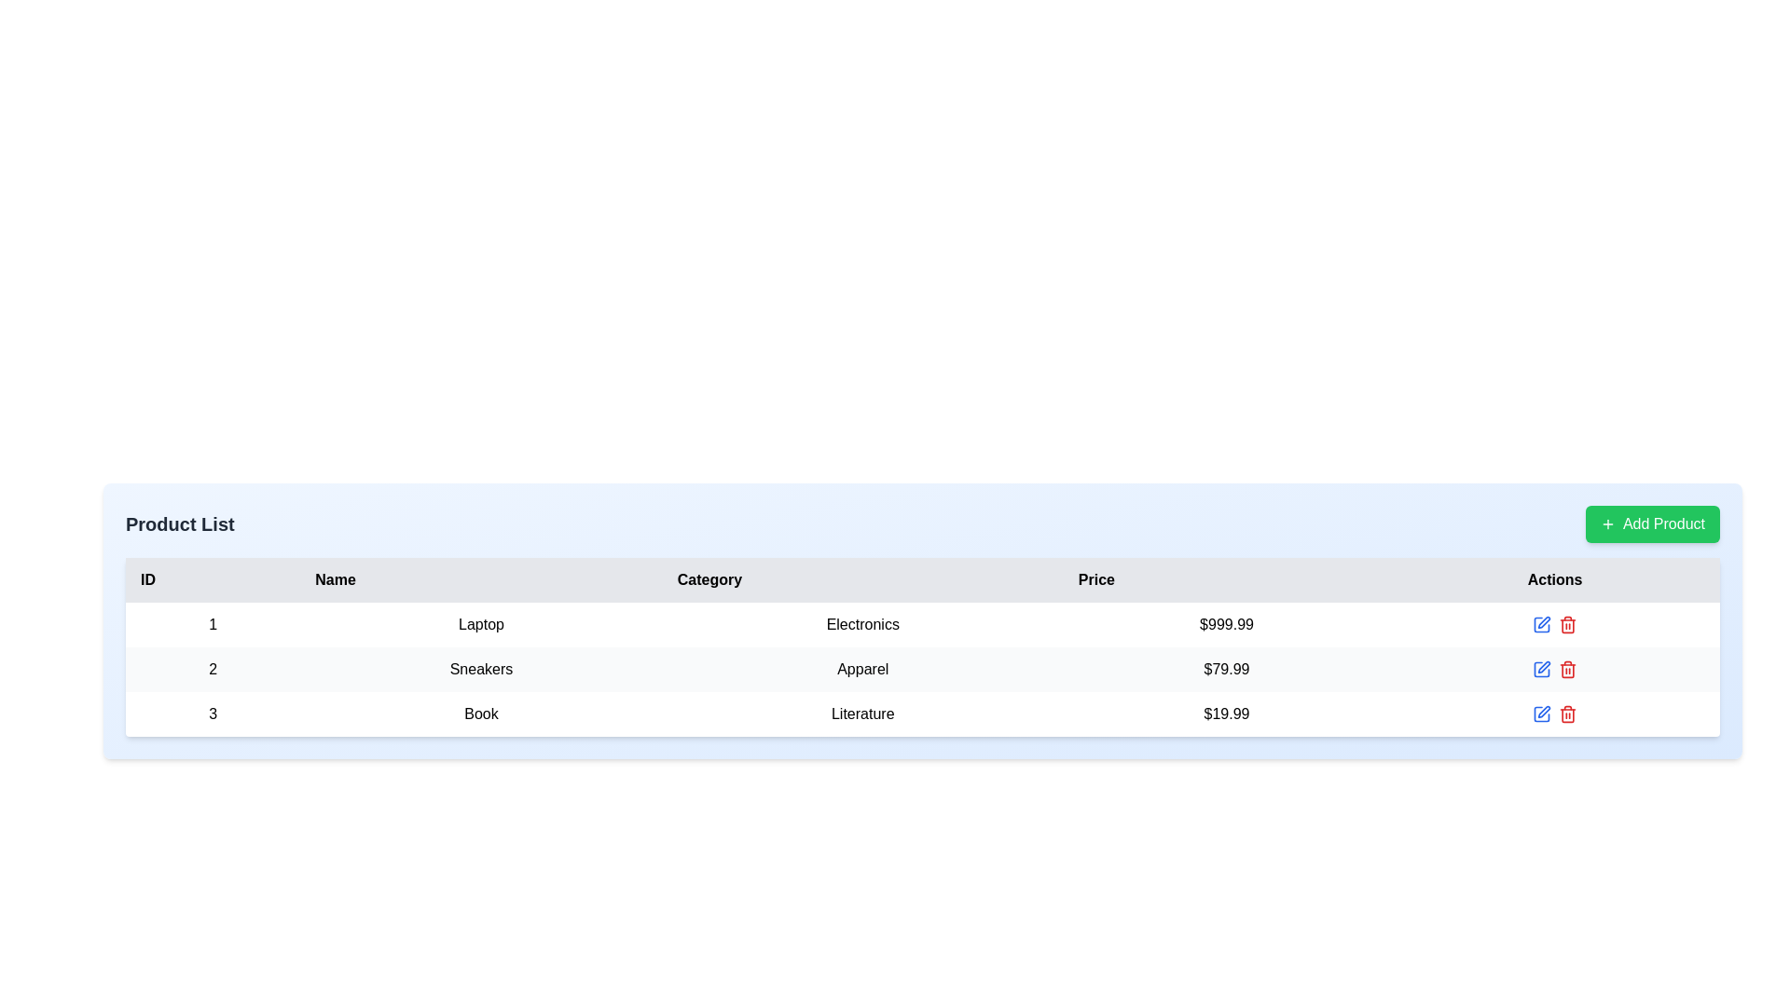 This screenshot has width=1790, height=1006. What do you see at coordinates (1555, 668) in the screenshot?
I see `the red trash can icon` at bounding box center [1555, 668].